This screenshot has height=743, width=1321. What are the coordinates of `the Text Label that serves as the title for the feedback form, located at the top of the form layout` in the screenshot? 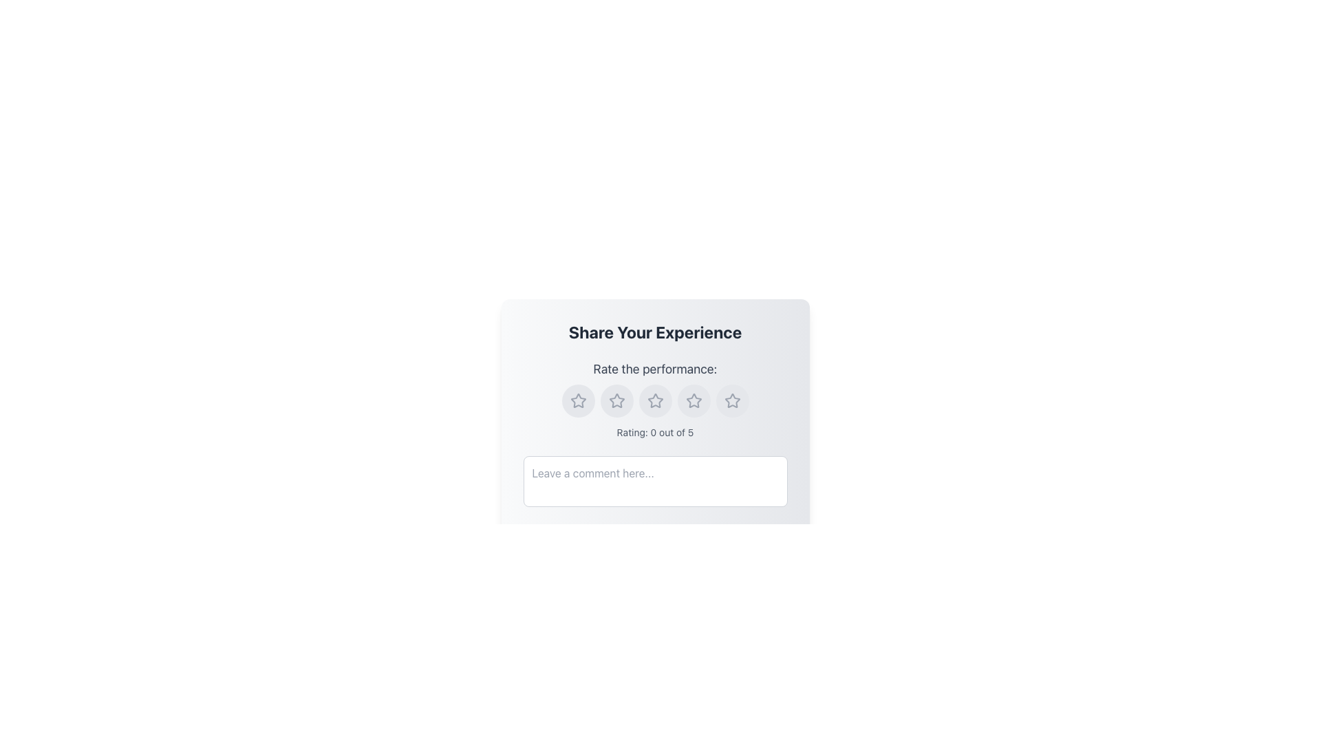 It's located at (654, 332).